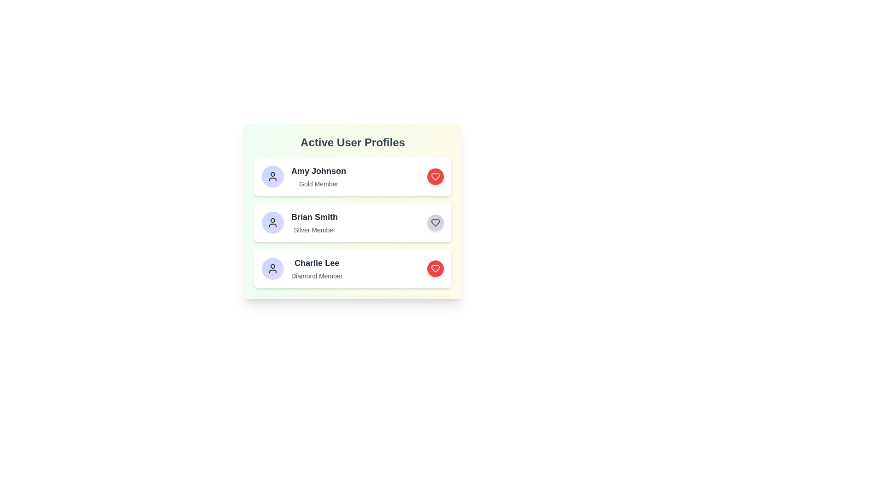 The height and width of the screenshot is (497, 885). What do you see at coordinates (435, 222) in the screenshot?
I see `the heart icon within the circular button on the right-hand side of the second user profile entry to favorite the user profile` at bounding box center [435, 222].